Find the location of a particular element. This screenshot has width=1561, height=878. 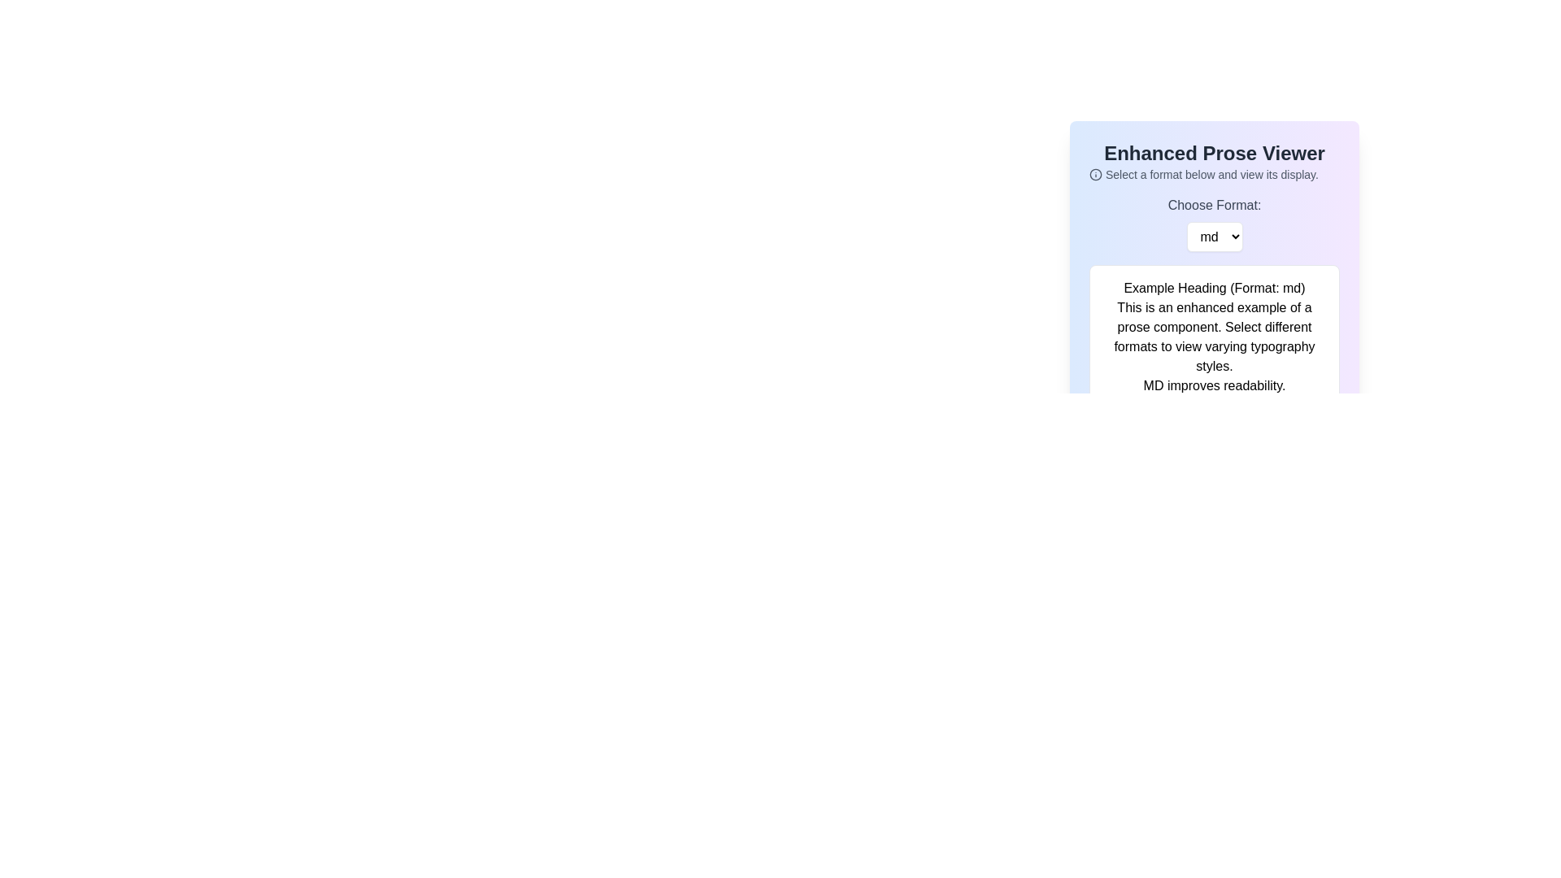

the Text block that provides a descriptive explanation about the prose component, which is located below 'Example Heading (Format: md)' and above 'MD improves readability' is located at coordinates (1214, 337).